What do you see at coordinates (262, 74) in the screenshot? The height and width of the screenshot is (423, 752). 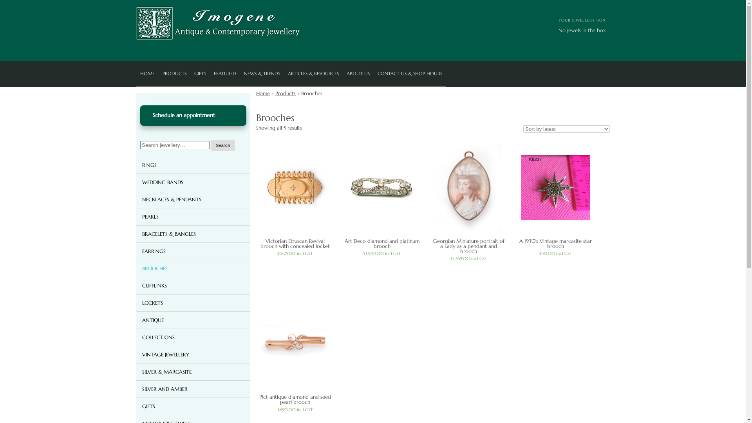 I see `'NEWS & TRENDS'` at bounding box center [262, 74].